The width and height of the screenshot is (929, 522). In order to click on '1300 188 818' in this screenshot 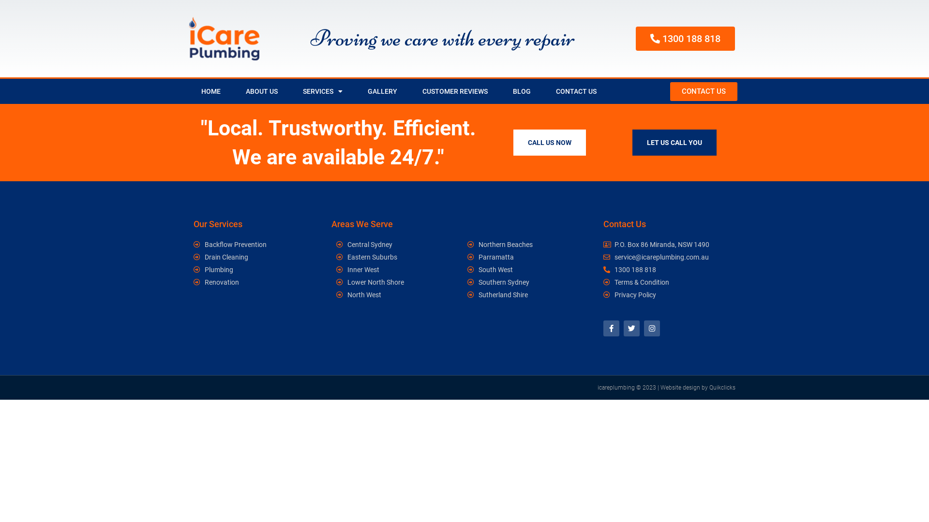, I will do `click(685, 38)`.